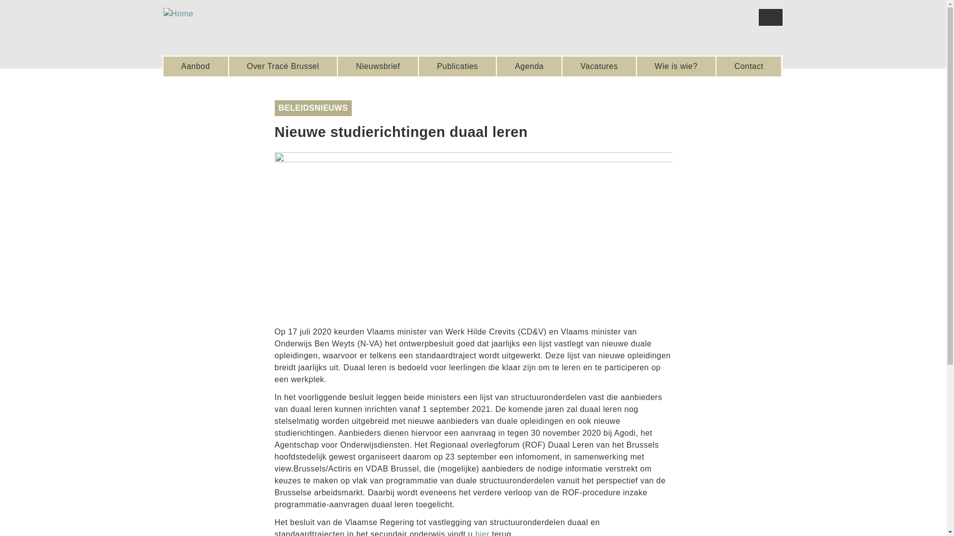  Describe the element at coordinates (377, 67) in the screenshot. I see `'Nieuwsbrief'` at that location.